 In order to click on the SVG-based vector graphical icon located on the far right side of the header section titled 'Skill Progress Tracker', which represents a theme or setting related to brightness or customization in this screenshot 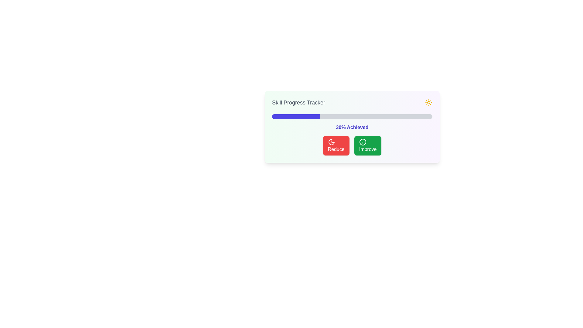, I will do `click(428, 102)`.